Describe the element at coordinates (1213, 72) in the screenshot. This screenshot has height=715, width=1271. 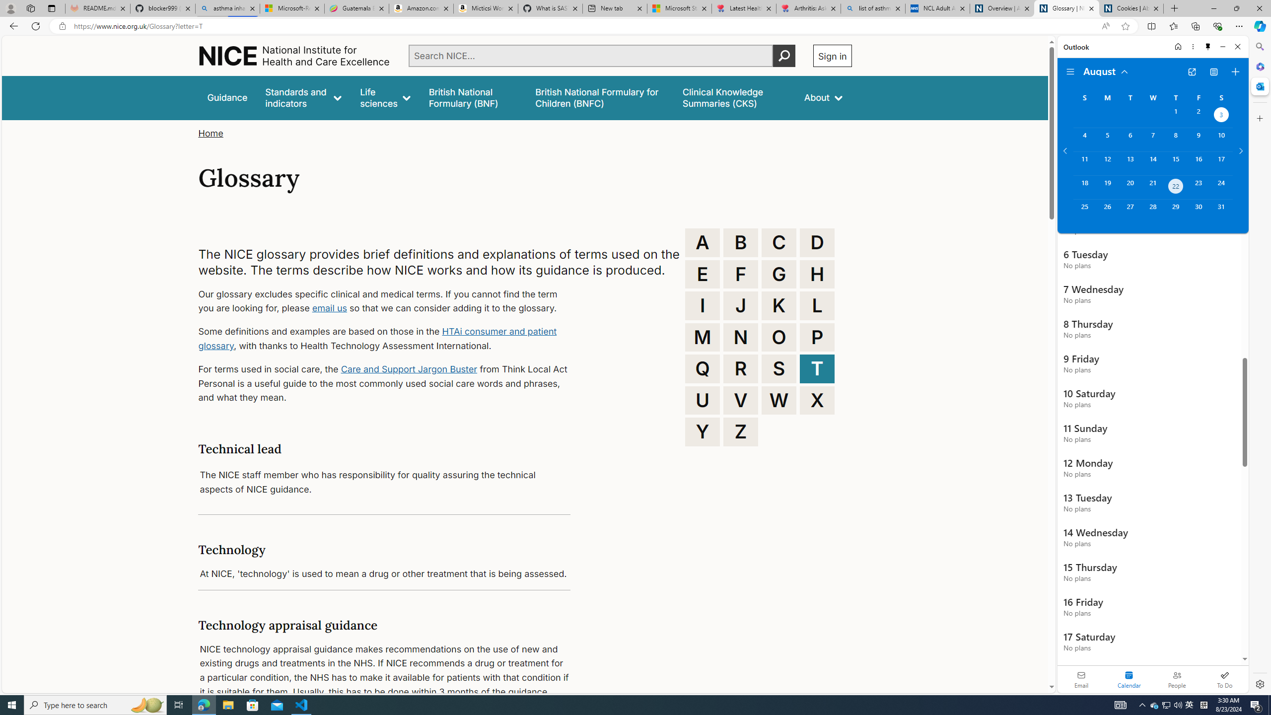
I see `'View Switcher. Current view is Agenda view'` at that location.